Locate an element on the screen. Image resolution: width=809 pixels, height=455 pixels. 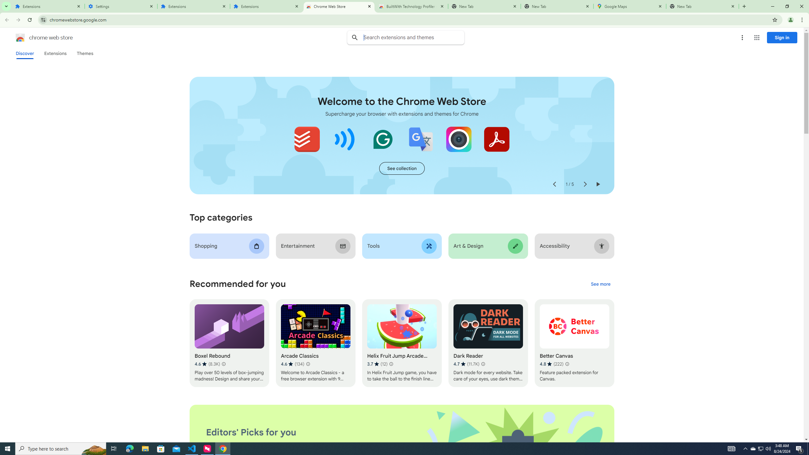
'Tools' is located at coordinates (402, 246).